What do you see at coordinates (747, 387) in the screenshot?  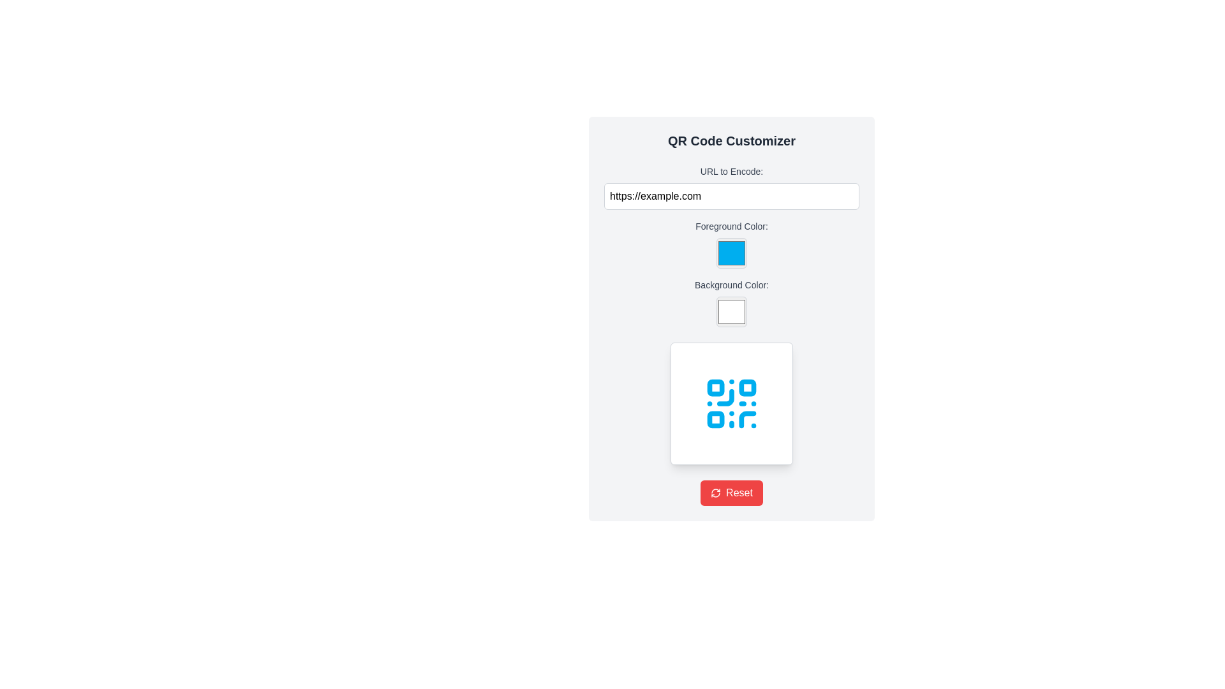 I see `the second small square in the top-right corner of the QR code component, which visually encodes information and is located centrally within a white card area beneath the color selectors` at bounding box center [747, 387].